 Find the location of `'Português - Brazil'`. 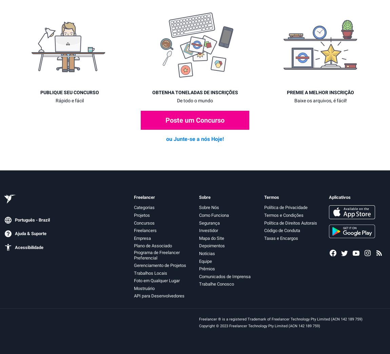

'Português - Brazil' is located at coordinates (15, 220).